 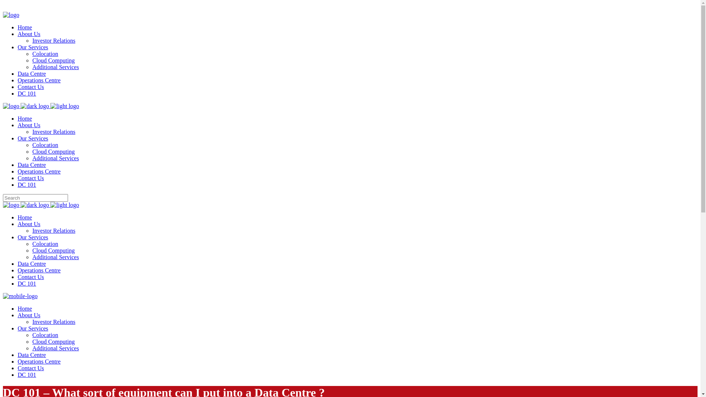 What do you see at coordinates (39, 80) in the screenshot?
I see `'Operations Centre'` at bounding box center [39, 80].